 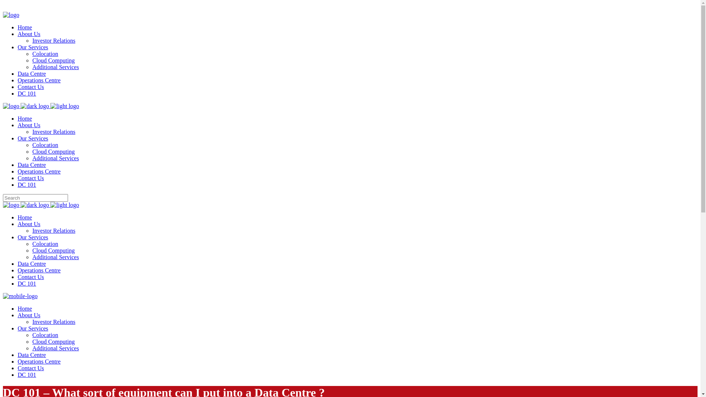 What do you see at coordinates (39, 80) in the screenshot?
I see `'Operations Centre'` at bounding box center [39, 80].